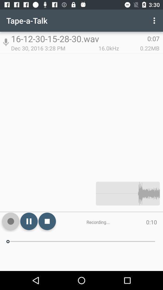 The height and width of the screenshot is (290, 163). I want to click on the pause icon, so click(29, 221).